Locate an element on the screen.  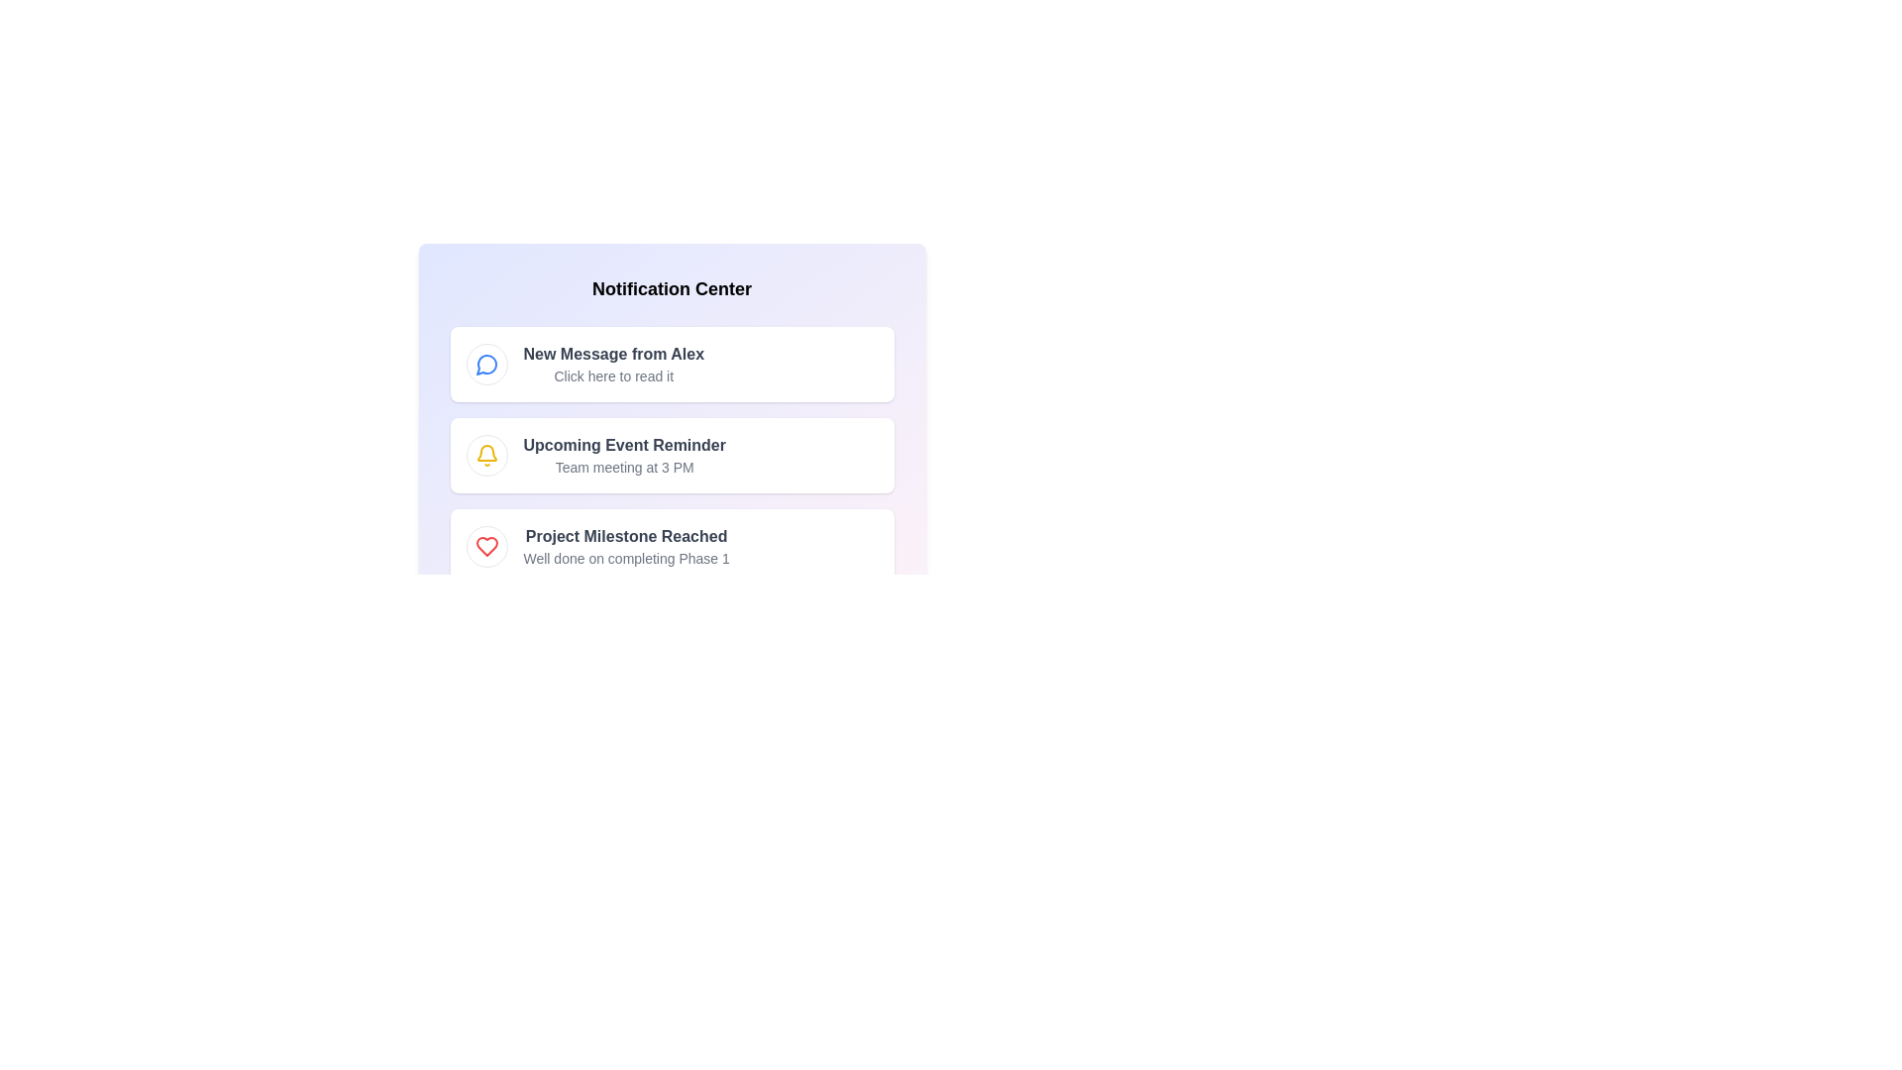
the notification titled 'Upcoming Event Reminder' is located at coordinates (672, 455).